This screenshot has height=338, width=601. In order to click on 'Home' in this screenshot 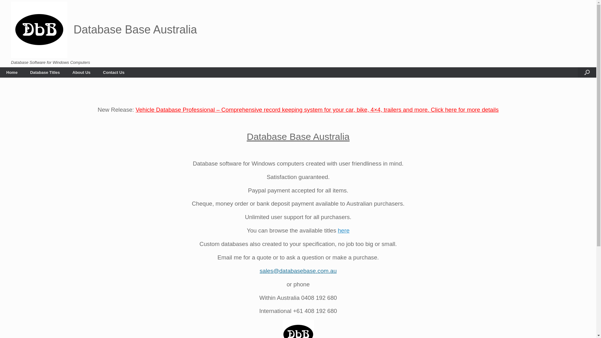, I will do `click(12, 72)`.